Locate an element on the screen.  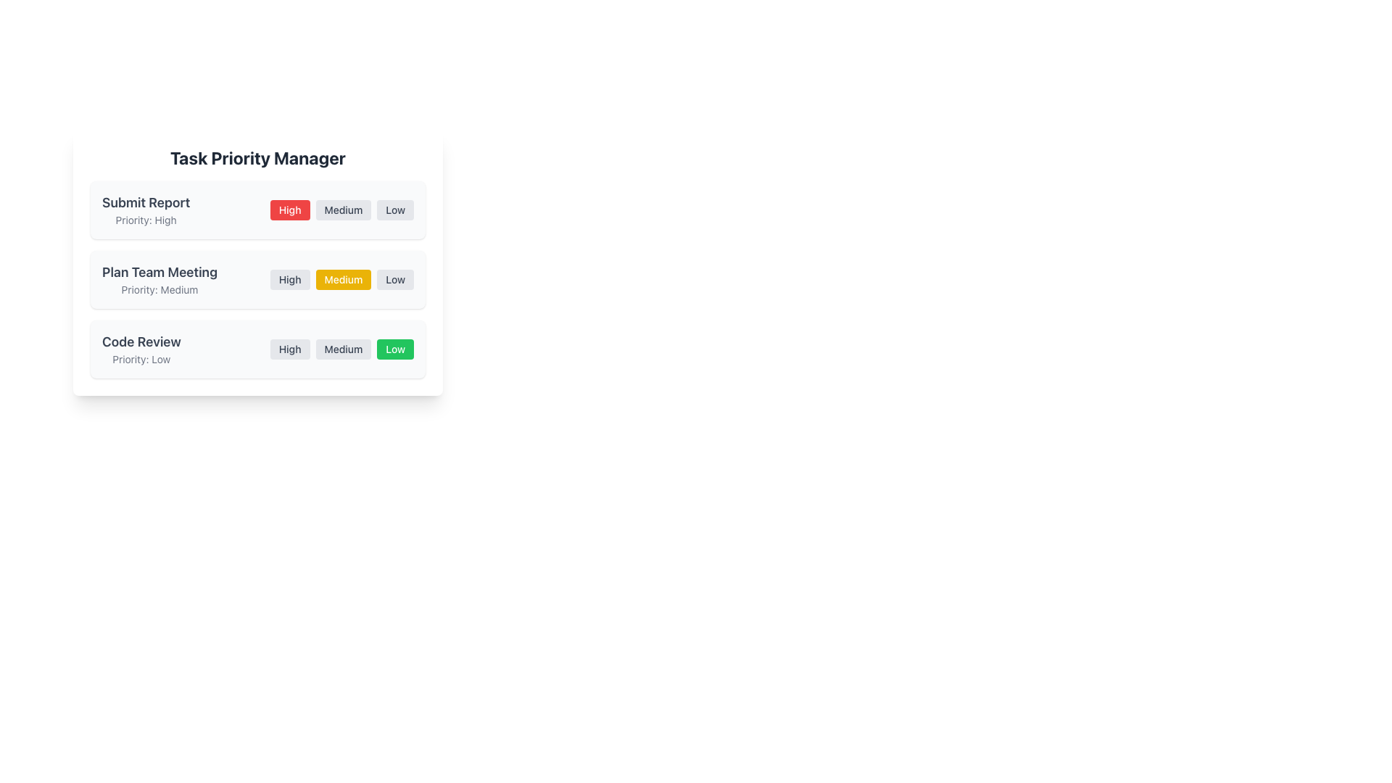
the text label that displays 'Priority: Low', which is located beneath the 'Code Review' header in the interface is located at coordinates (141, 359).